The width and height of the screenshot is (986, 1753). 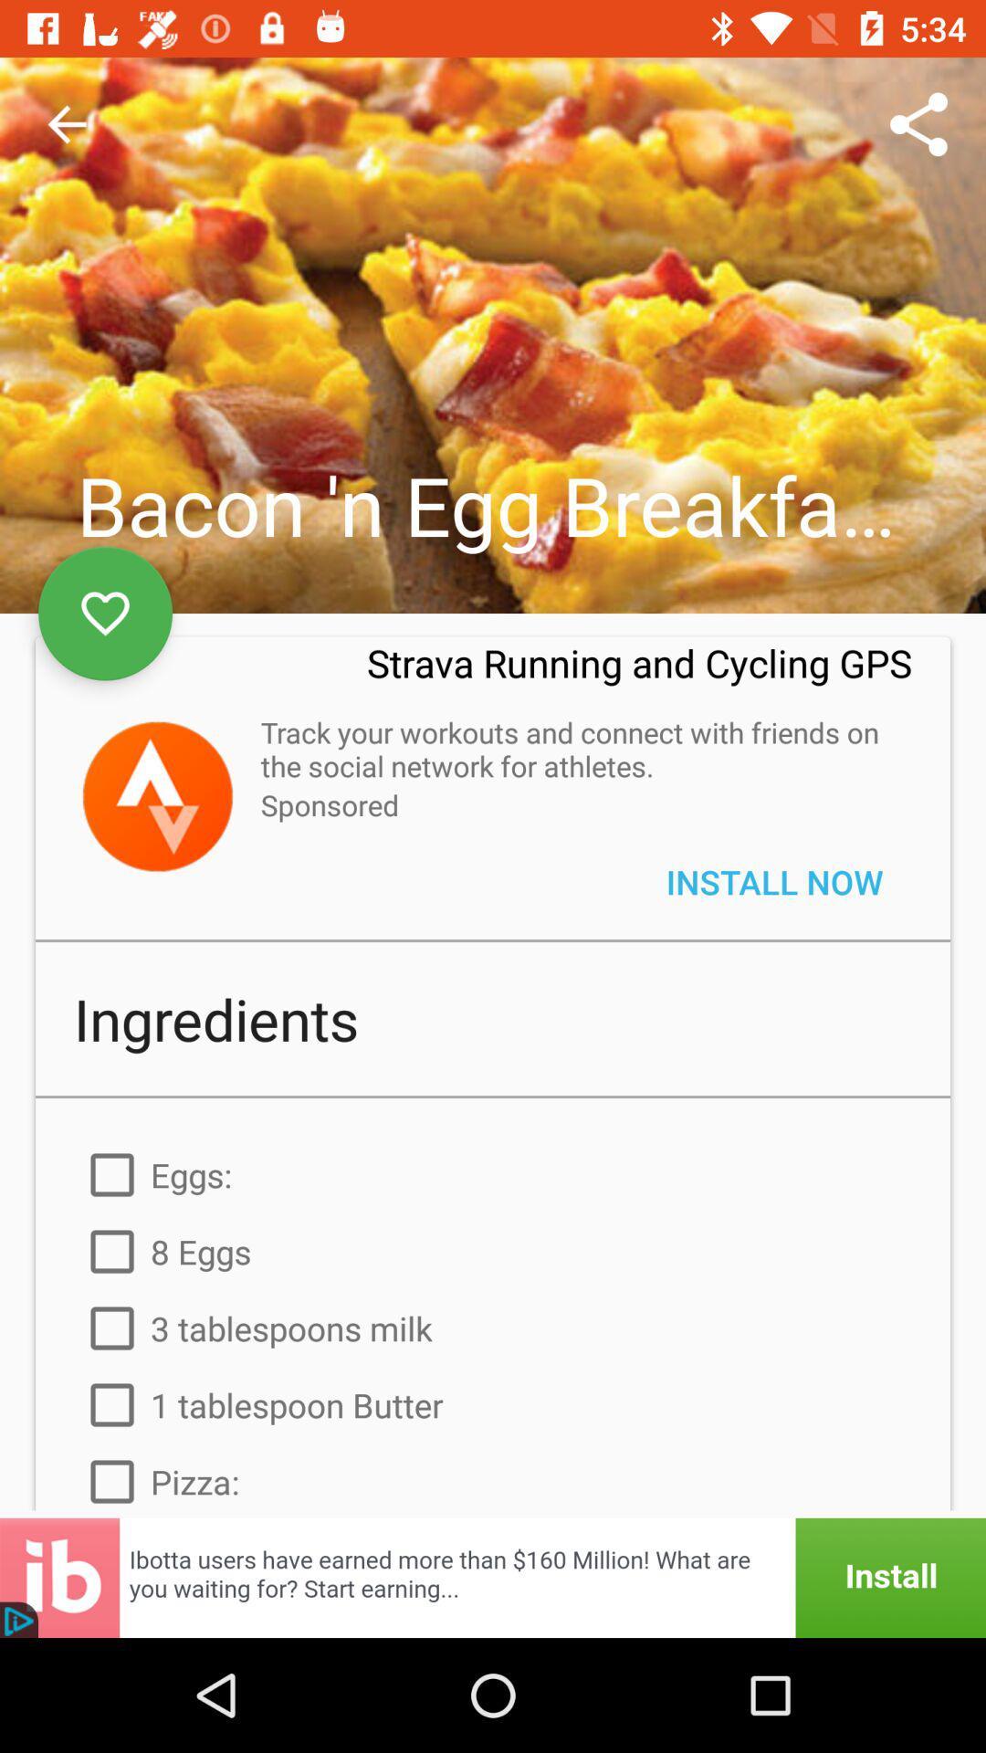 What do you see at coordinates (774, 881) in the screenshot?
I see `icon to the right of sponsored item` at bounding box center [774, 881].